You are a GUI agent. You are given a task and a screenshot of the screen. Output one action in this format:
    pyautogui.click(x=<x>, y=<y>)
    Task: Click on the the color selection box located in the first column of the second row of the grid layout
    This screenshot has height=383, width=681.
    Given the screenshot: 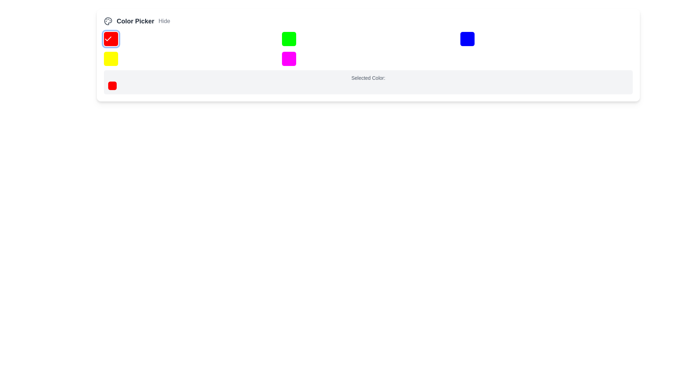 What is the action you would take?
    pyautogui.click(x=110, y=58)
    